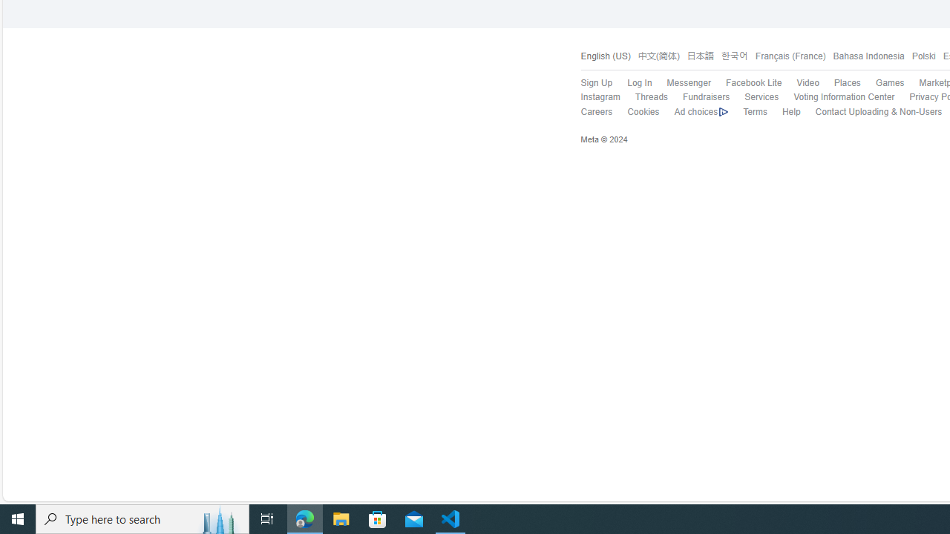 The width and height of the screenshot is (950, 534). Describe the element at coordinates (889, 83) in the screenshot. I see `'Games'` at that location.